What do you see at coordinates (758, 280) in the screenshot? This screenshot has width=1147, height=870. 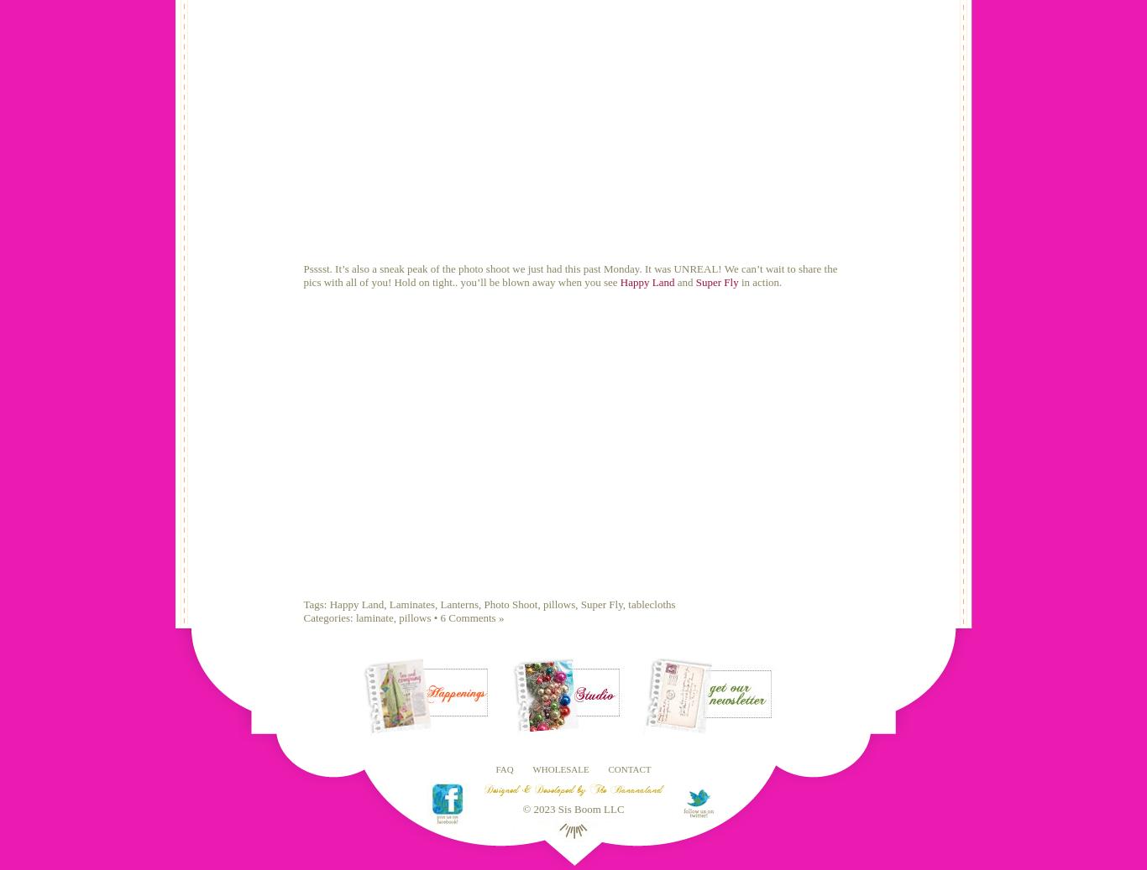 I see `'in action.'` at bounding box center [758, 280].